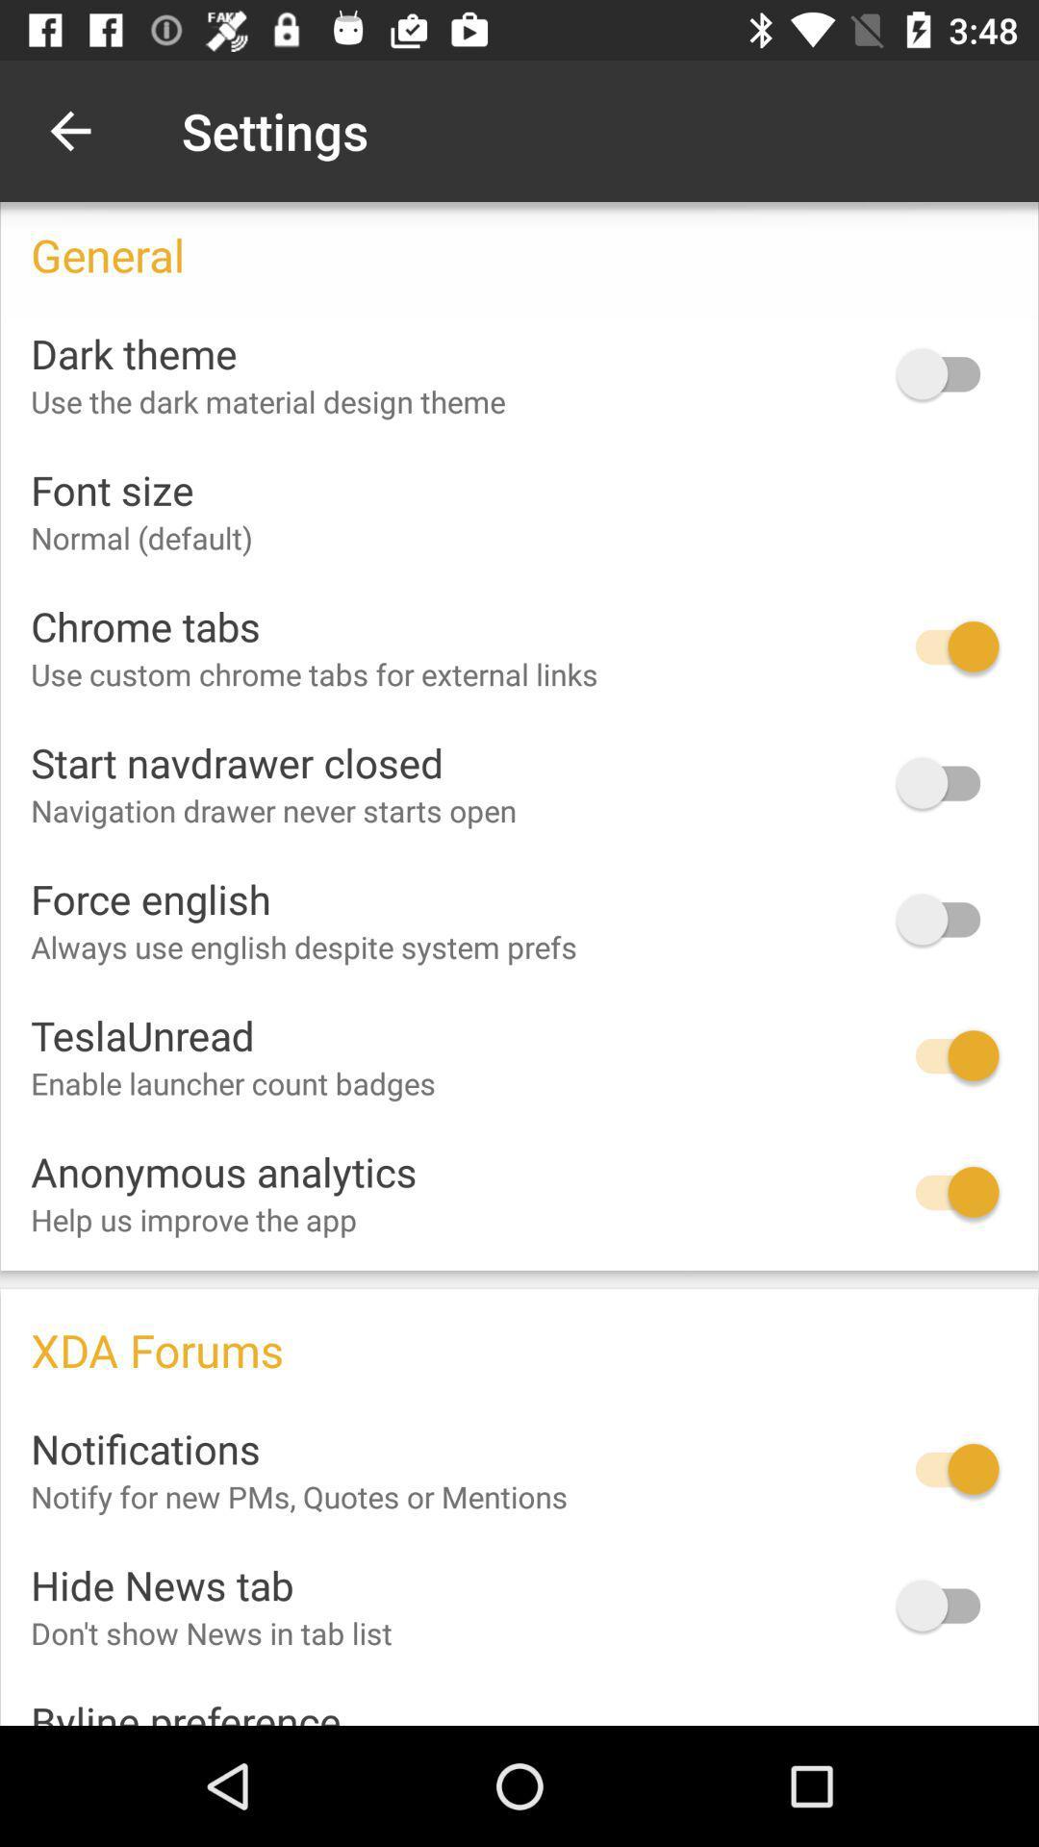 The height and width of the screenshot is (1847, 1039). Describe the element at coordinates (947, 783) in the screenshot. I see `navdrawer toggle` at that location.